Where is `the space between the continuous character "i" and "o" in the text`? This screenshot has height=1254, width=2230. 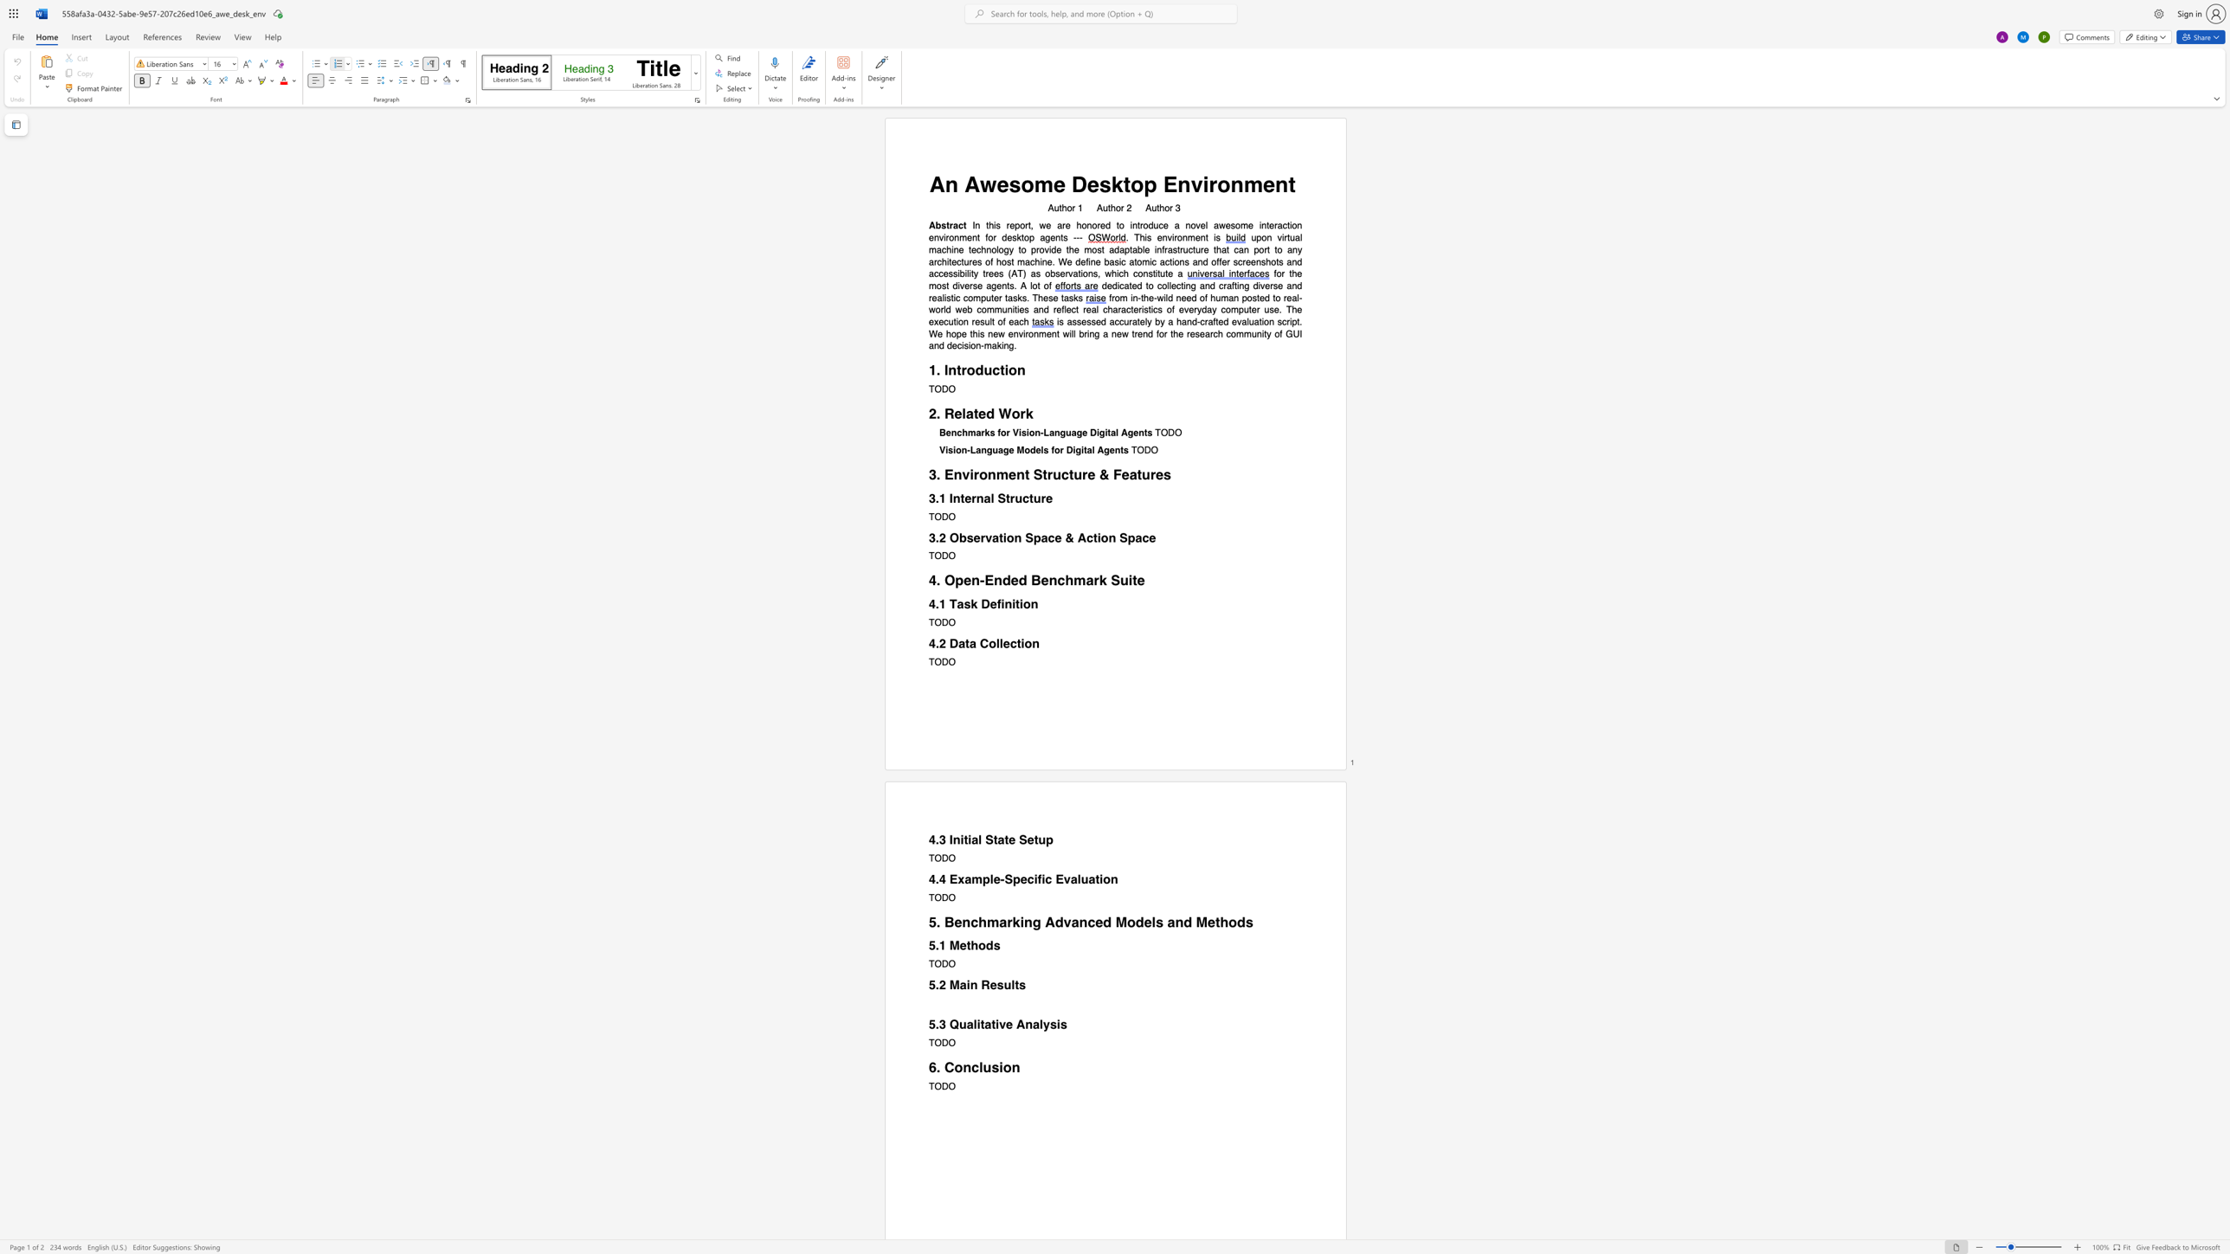
the space between the continuous character "i" and "o" in the text is located at coordinates (1104, 879).